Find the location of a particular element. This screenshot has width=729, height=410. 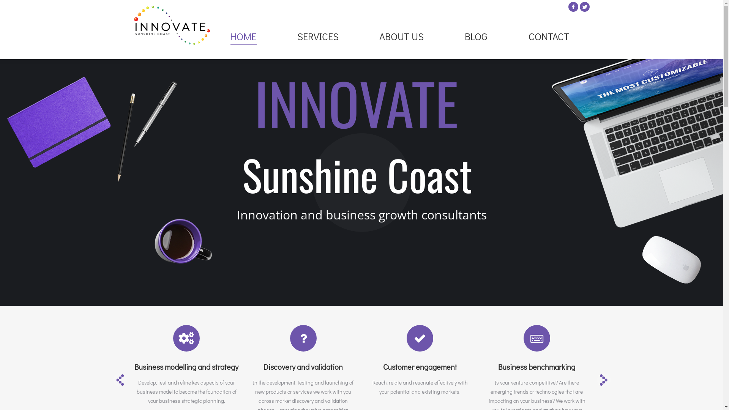

'Twitter page opens in new window' is located at coordinates (584, 7).